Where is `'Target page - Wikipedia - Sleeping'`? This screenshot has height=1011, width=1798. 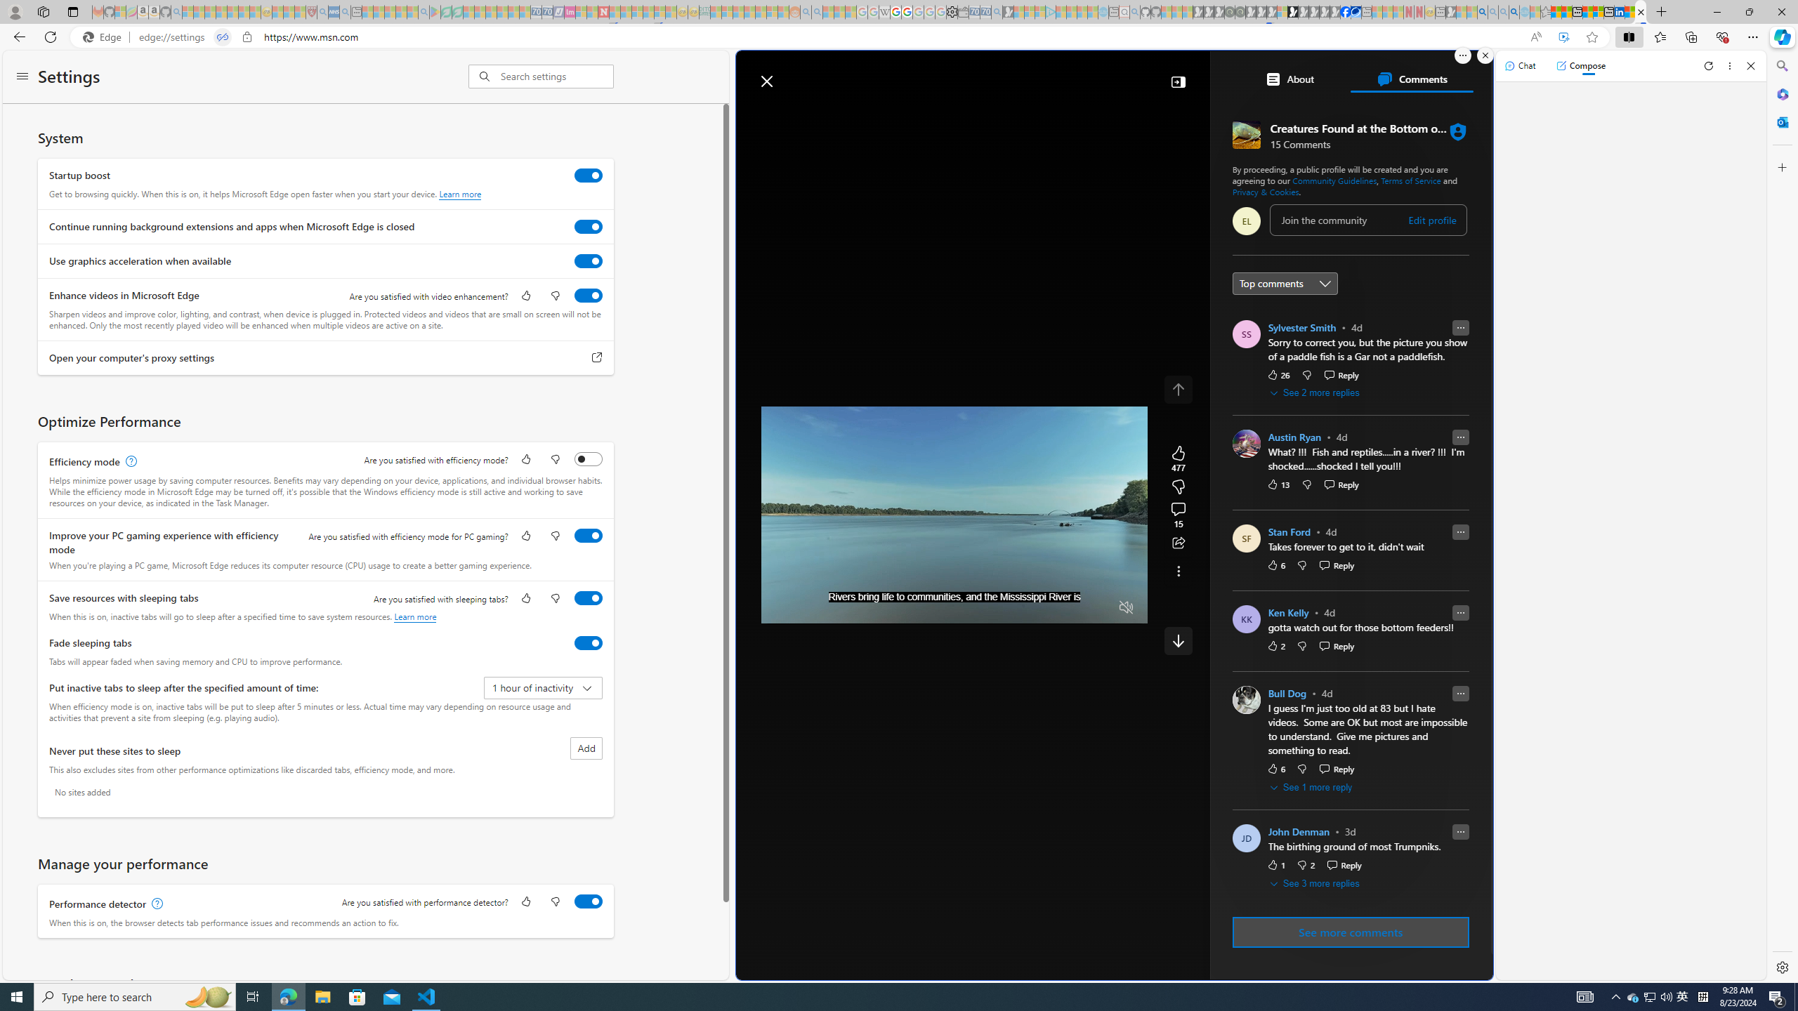 'Target page - Wikipedia - Sleeping' is located at coordinates (884, 11).